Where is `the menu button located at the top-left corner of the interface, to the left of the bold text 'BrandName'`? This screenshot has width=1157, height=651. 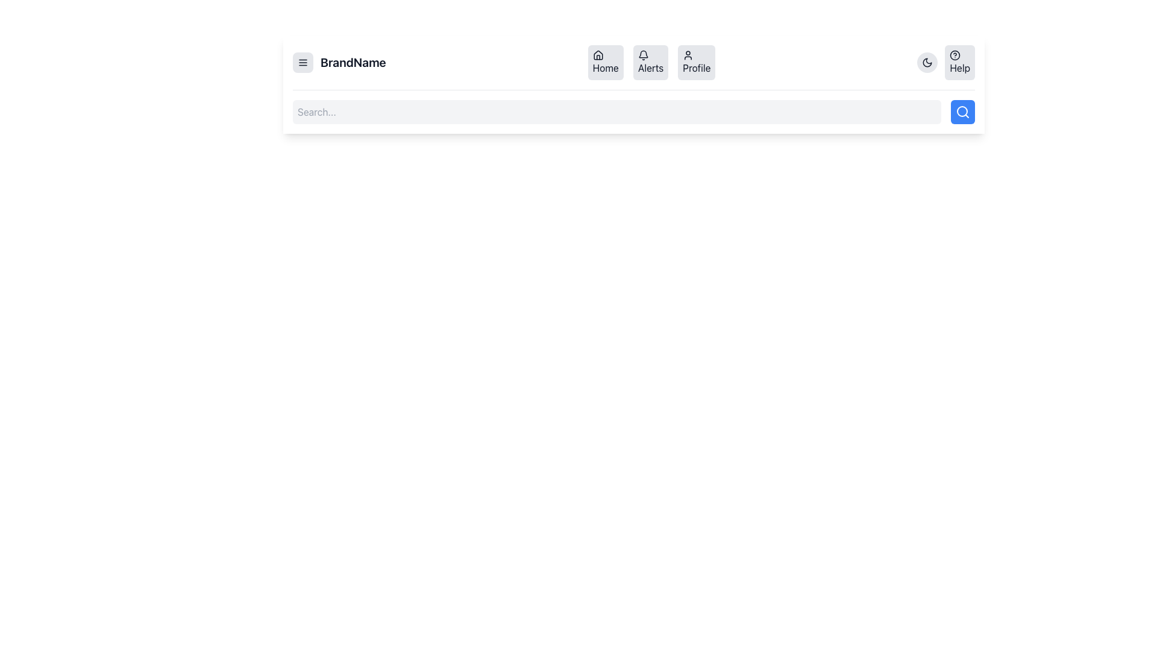
the menu button located at the top-left corner of the interface, to the left of the bold text 'BrandName' is located at coordinates (303, 63).